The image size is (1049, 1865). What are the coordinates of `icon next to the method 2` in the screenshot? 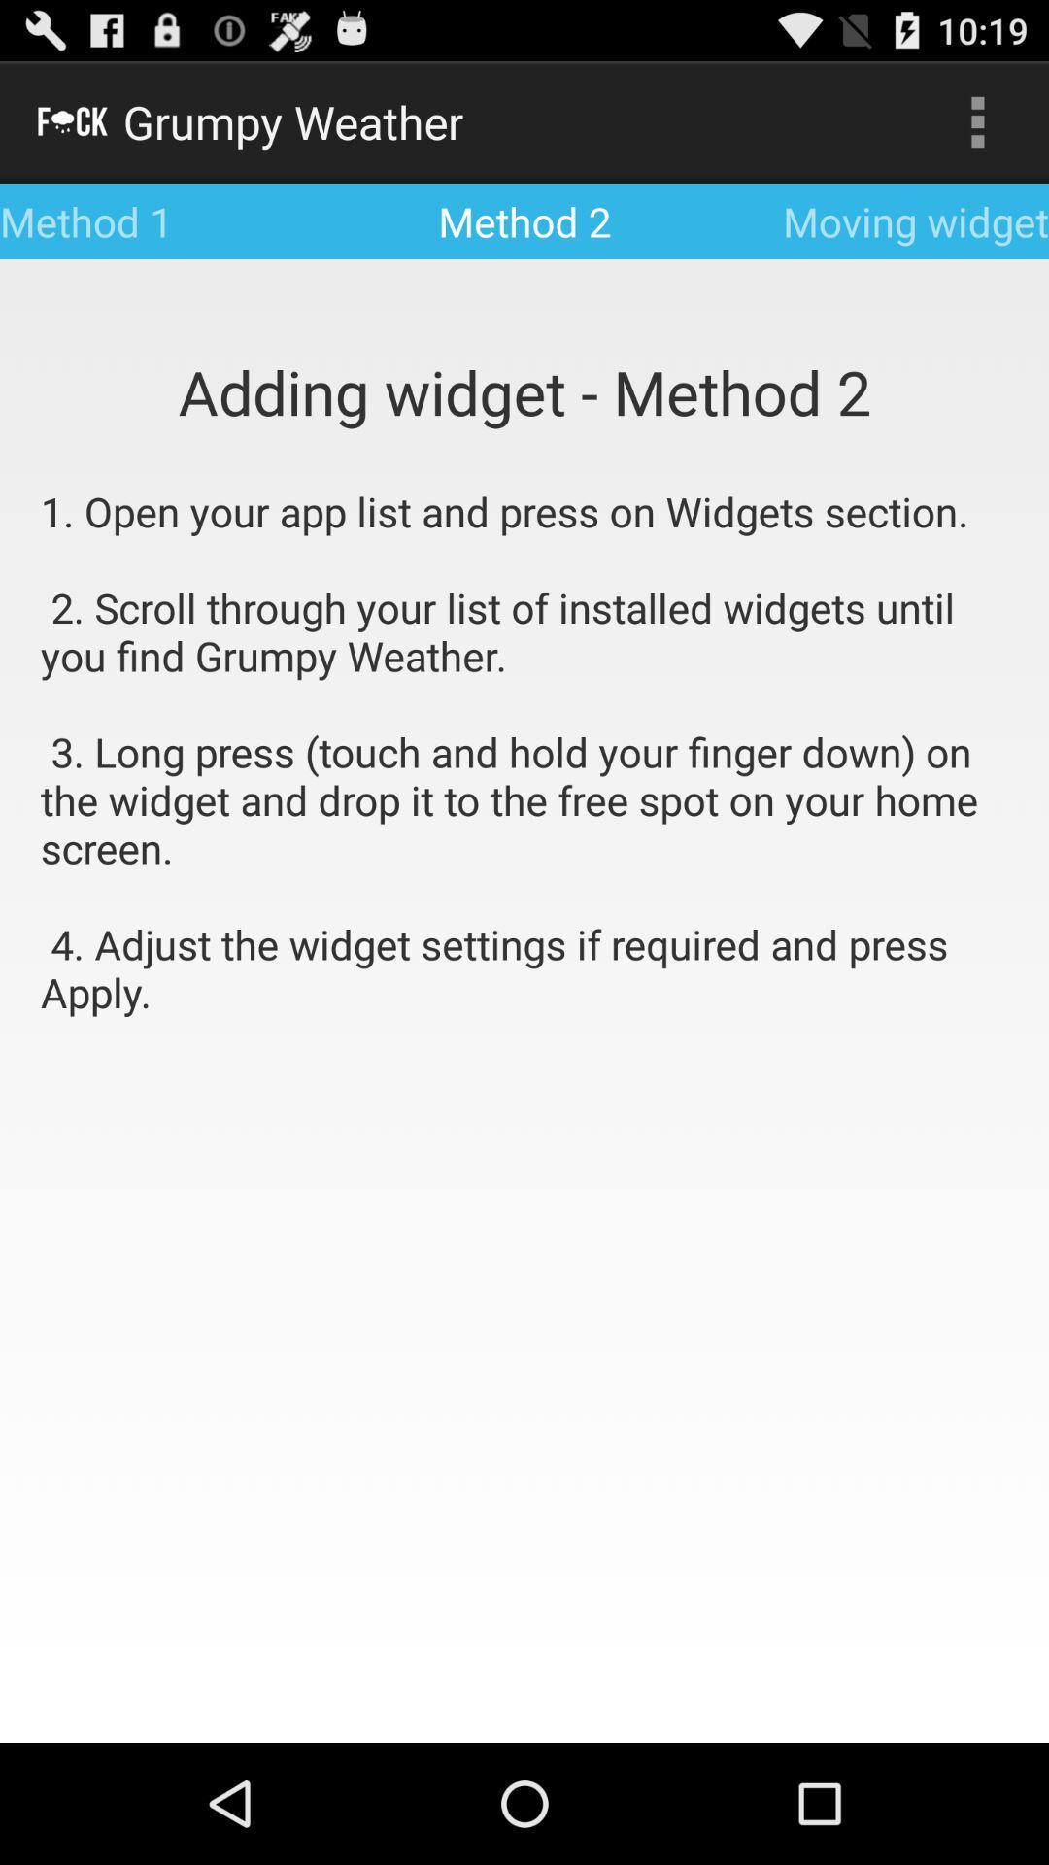 It's located at (977, 120).